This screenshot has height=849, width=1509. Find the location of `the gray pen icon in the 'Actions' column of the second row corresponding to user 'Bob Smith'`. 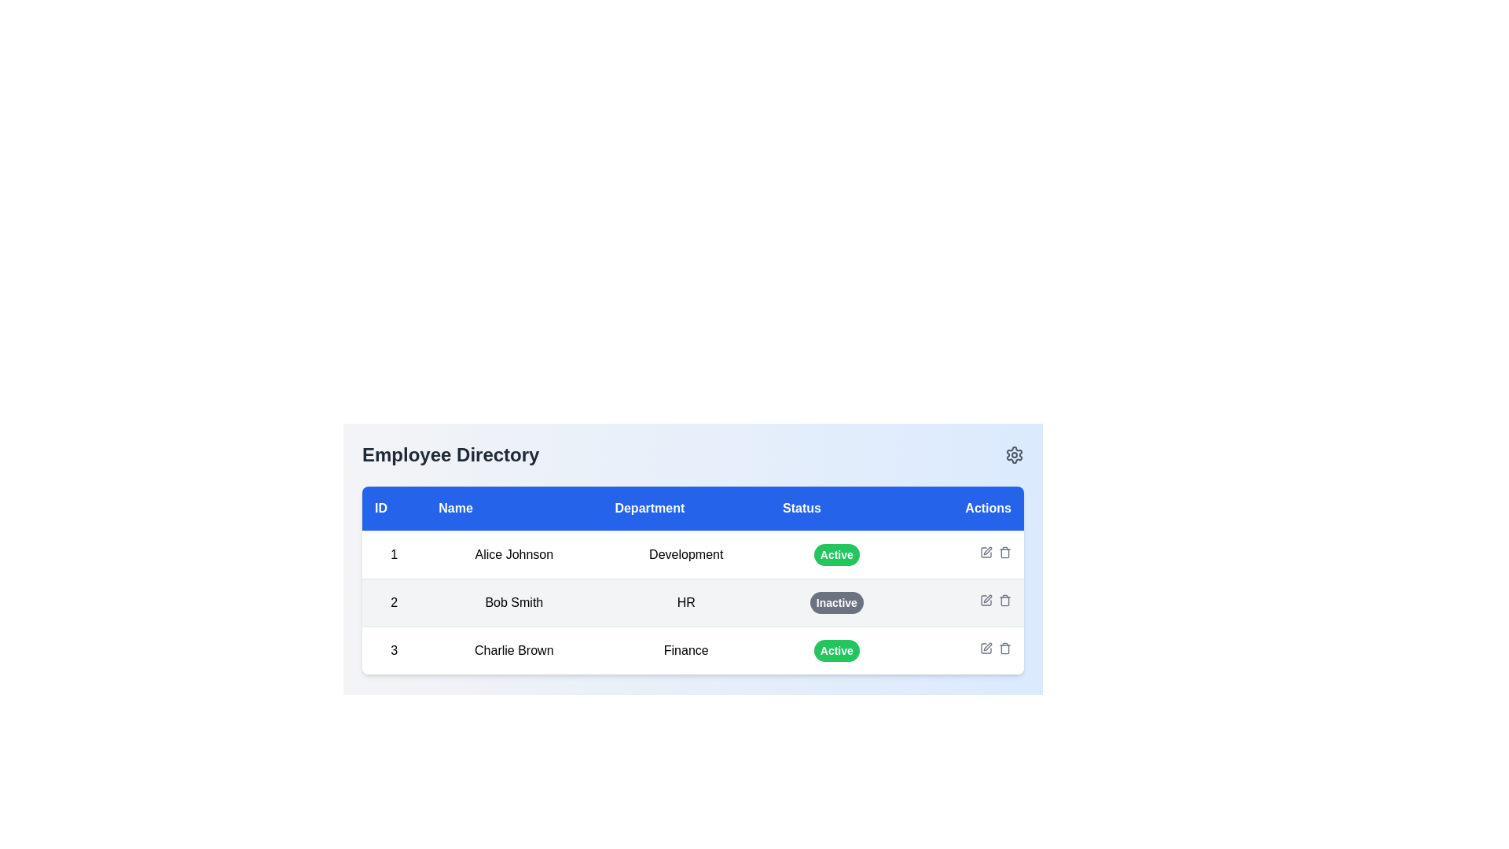

the gray pen icon in the 'Actions' column of the second row corresponding to user 'Bob Smith' is located at coordinates (985, 600).